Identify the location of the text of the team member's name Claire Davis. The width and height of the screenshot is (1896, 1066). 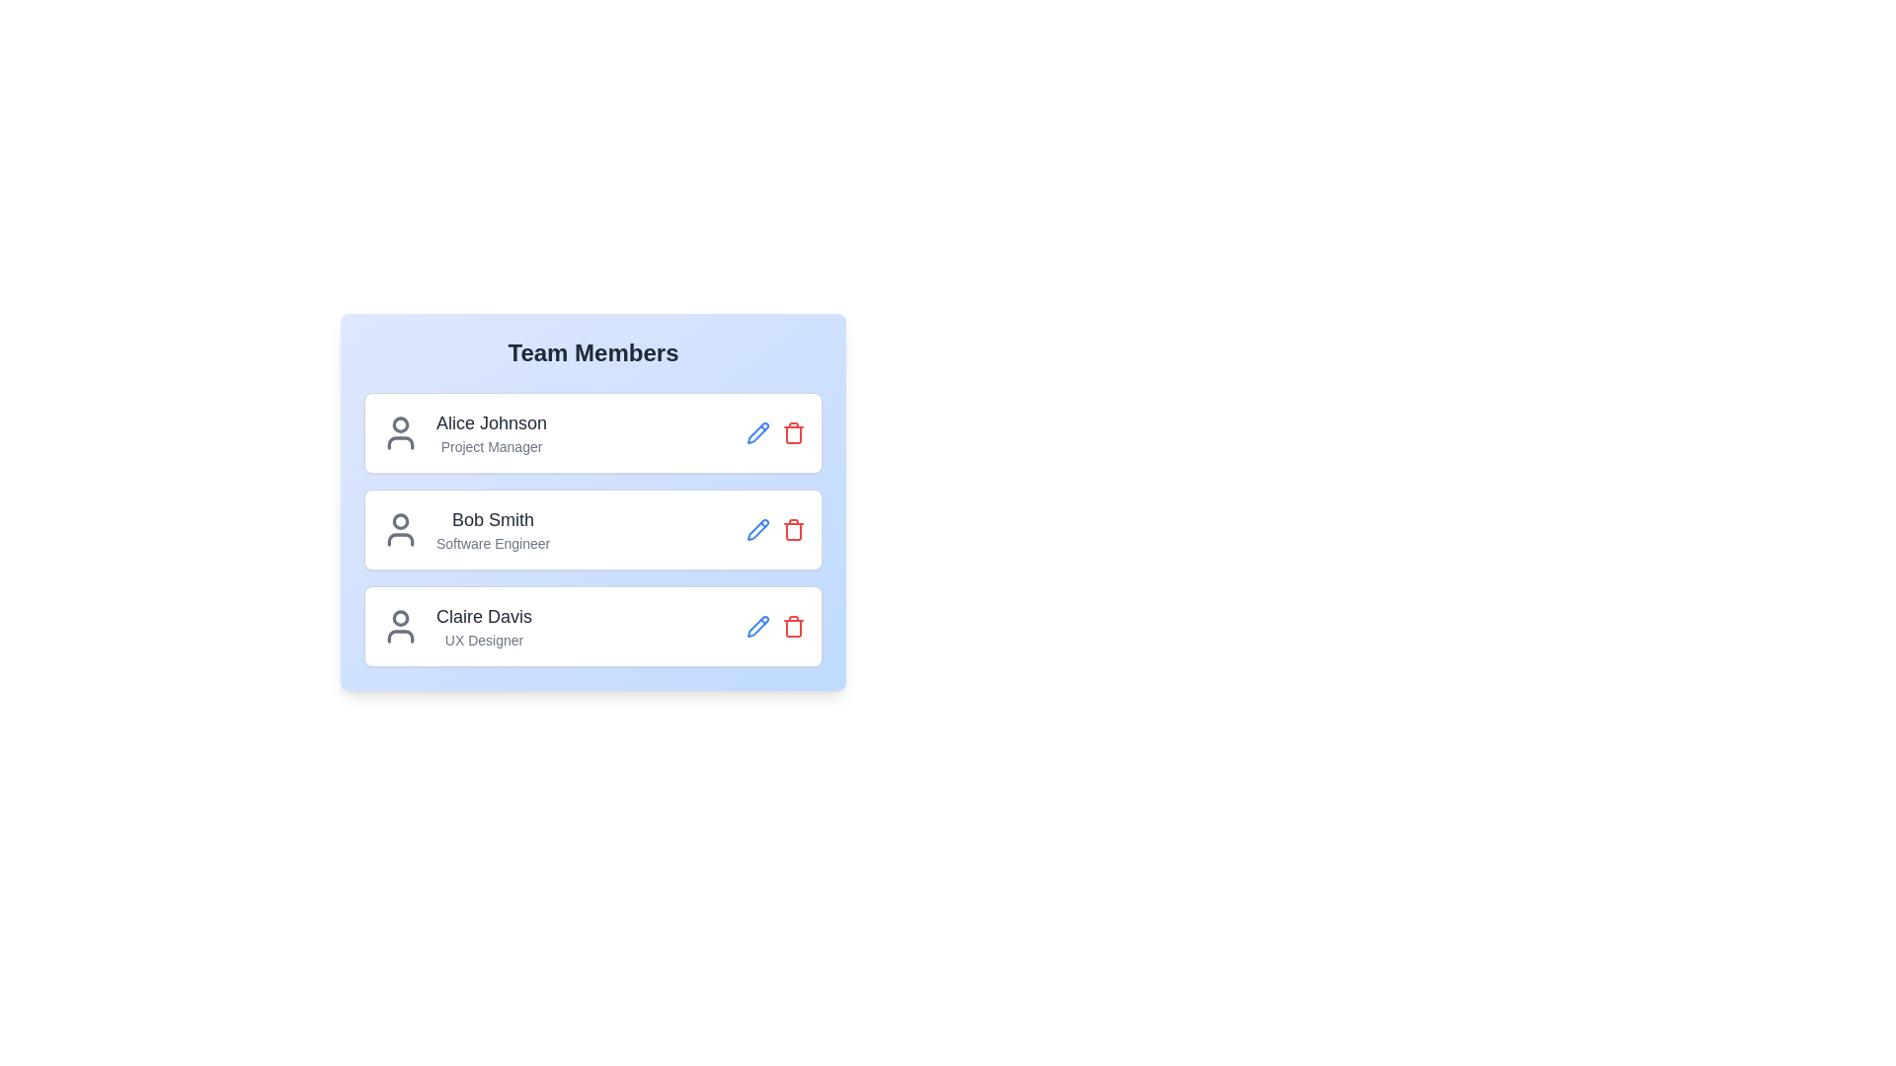
(484, 615).